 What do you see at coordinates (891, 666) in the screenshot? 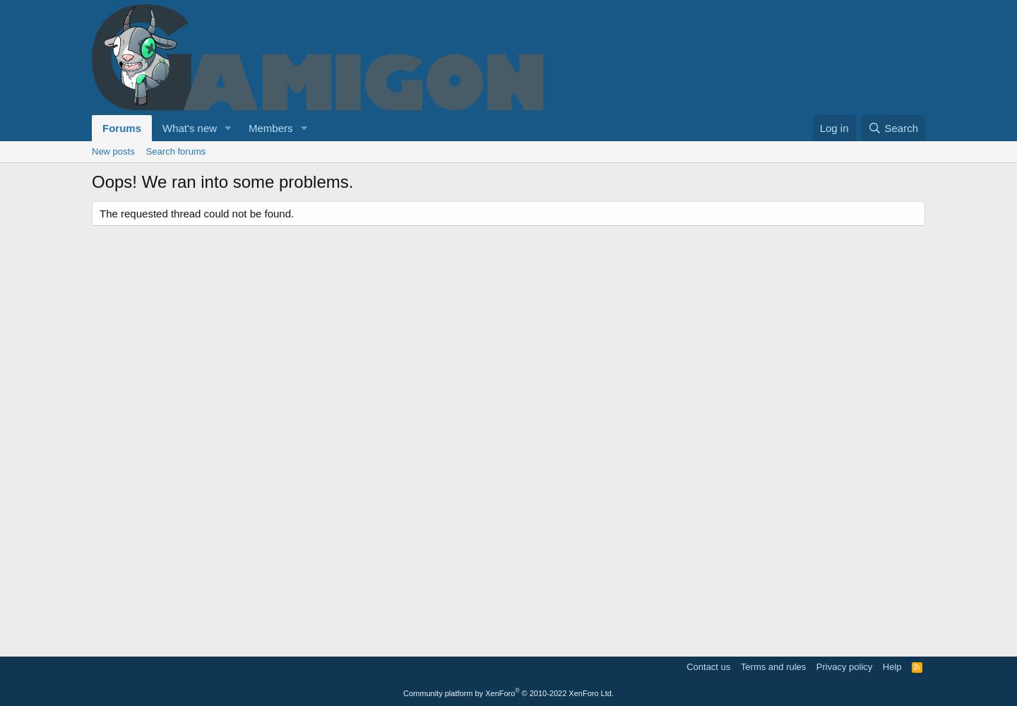
I see `'Help'` at bounding box center [891, 666].